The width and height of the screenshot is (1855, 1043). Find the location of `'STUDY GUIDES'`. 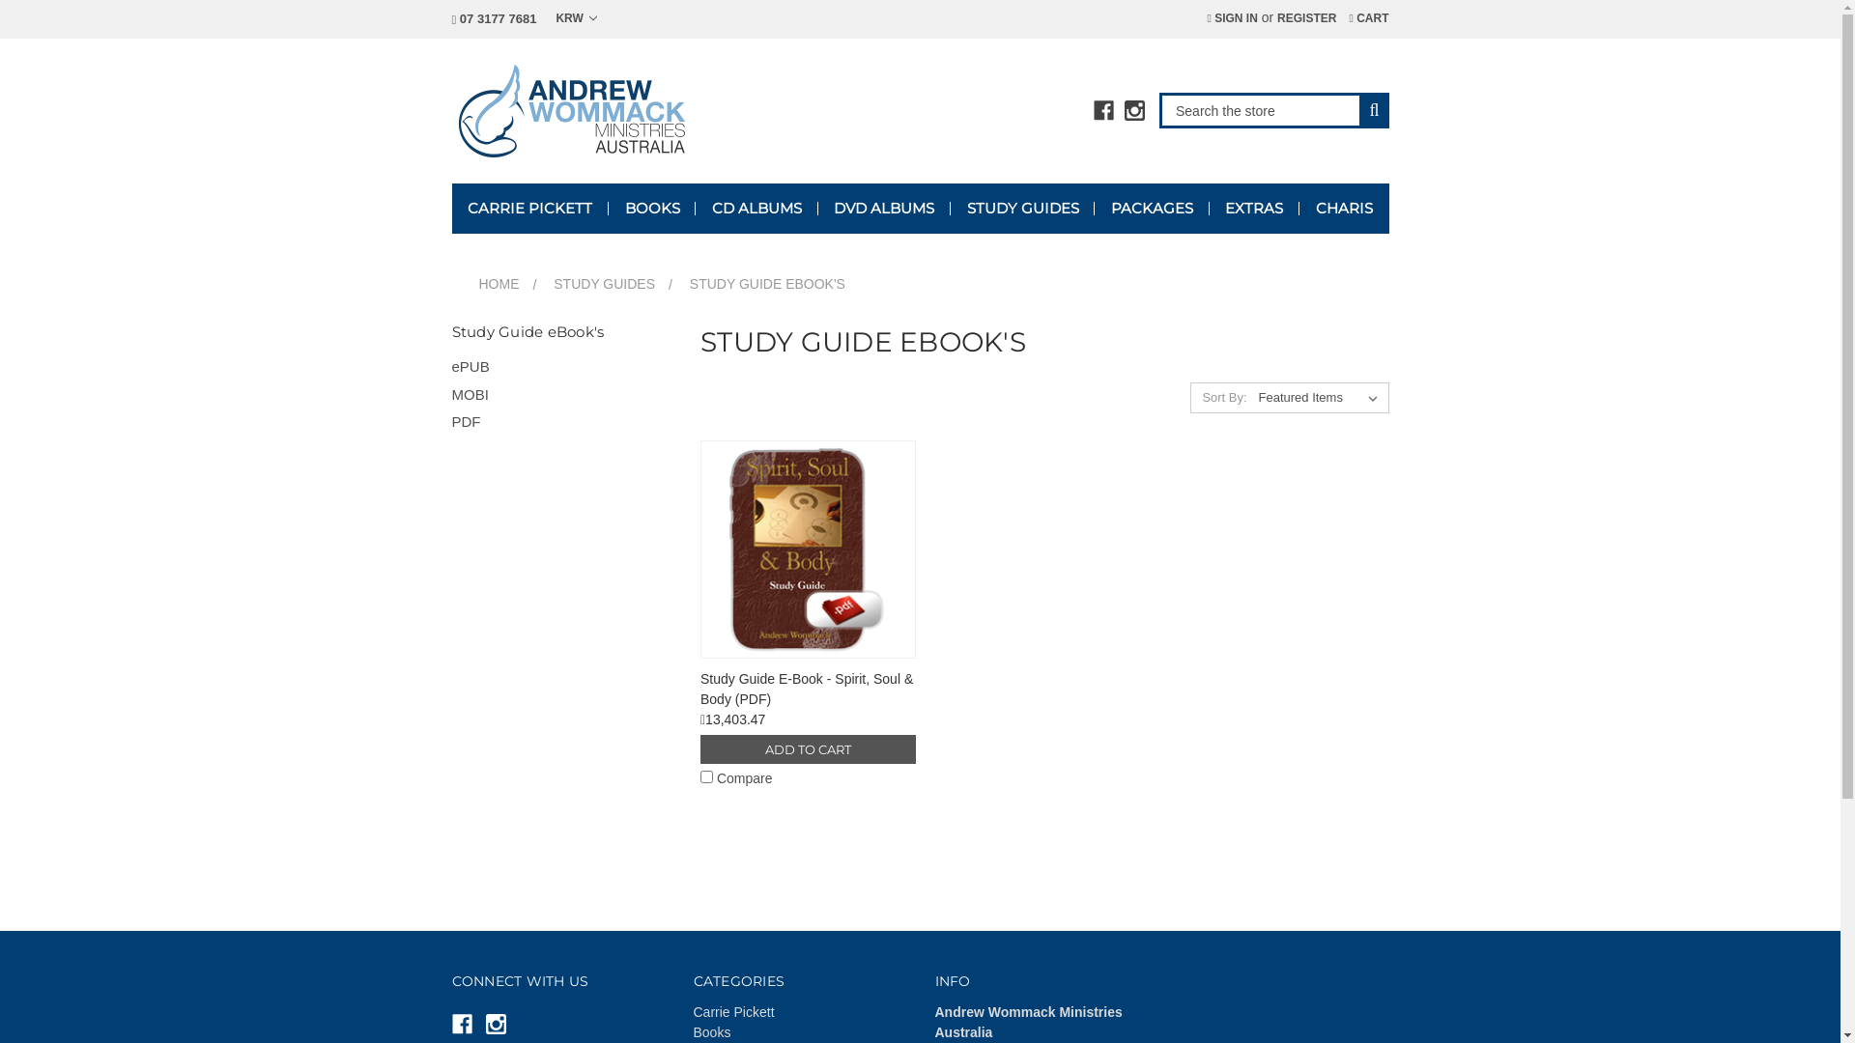

'STUDY GUIDES' is located at coordinates (1021, 209).